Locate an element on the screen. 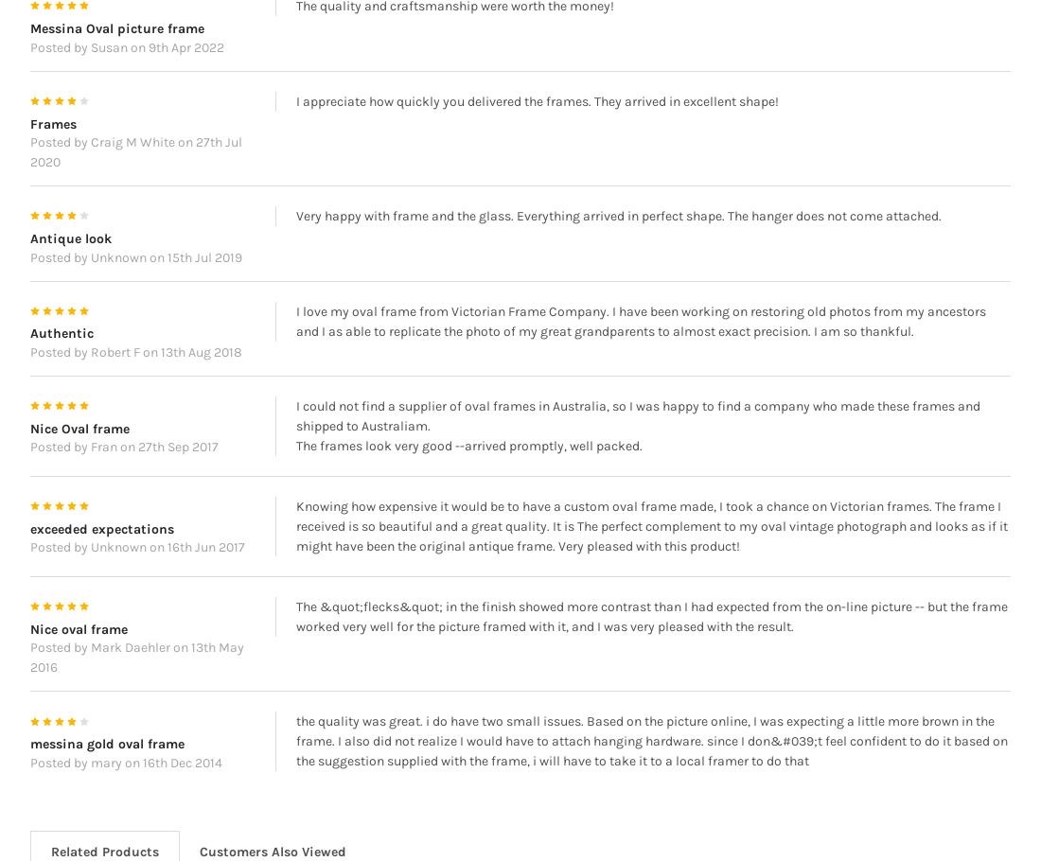 This screenshot has width=1041, height=861. 'Frames' is located at coordinates (51, 149).